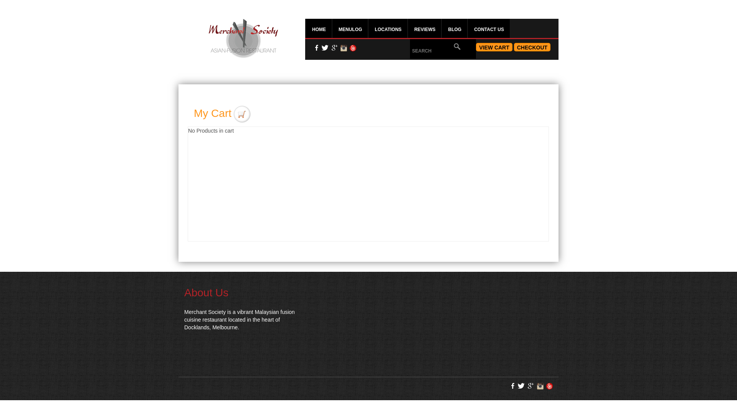 The height and width of the screenshot is (414, 737). What do you see at coordinates (424, 28) in the screenshot?
I see `'REVIEWS'` at bounding box center [424, 28].